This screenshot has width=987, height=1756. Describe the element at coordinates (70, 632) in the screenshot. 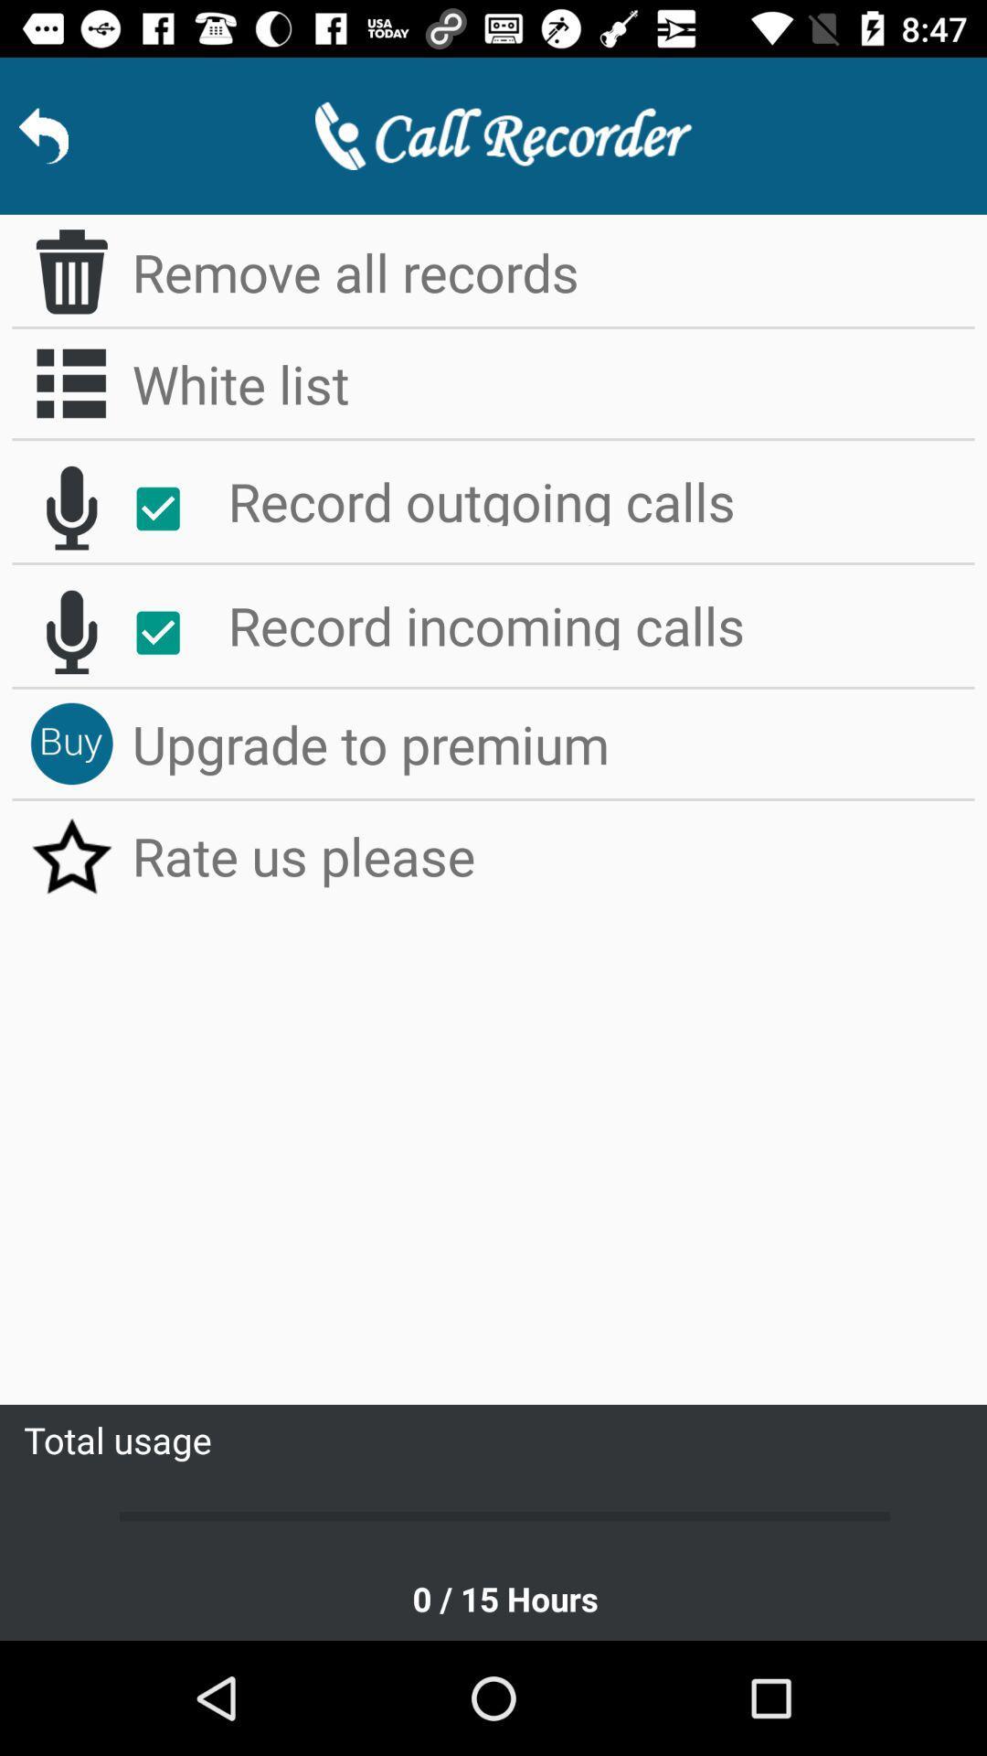

I see `incoming calls` at that location.